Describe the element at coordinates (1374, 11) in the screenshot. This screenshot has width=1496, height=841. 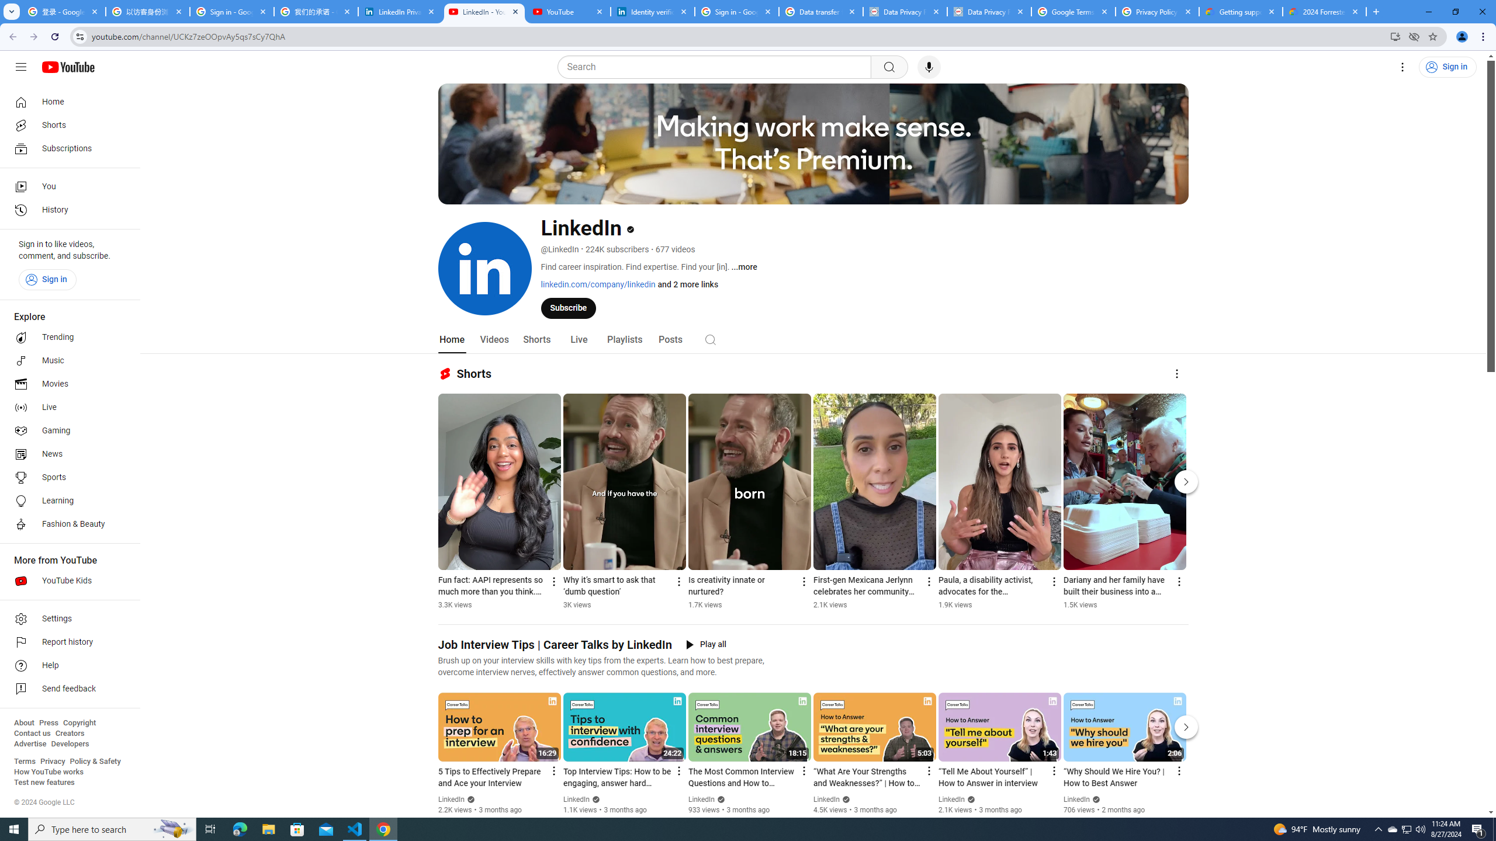
I see `'New Tab'` at that location.